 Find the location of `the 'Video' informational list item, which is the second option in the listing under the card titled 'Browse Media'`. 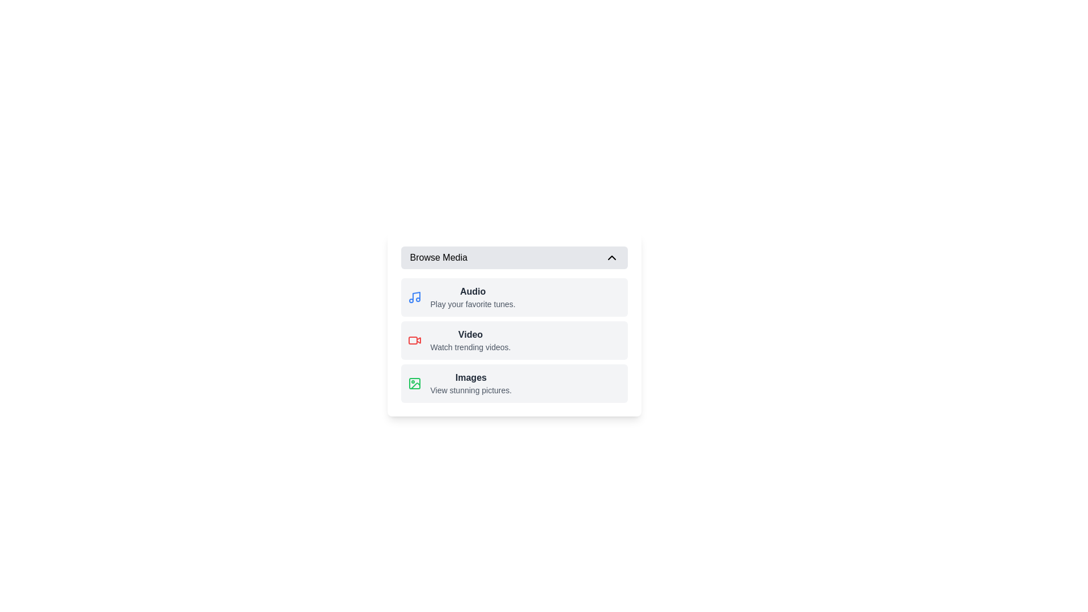

the 'Video' informational list item, which is the second option in the listing under the card titled 'Browse Media' is located at coordinates (470, 340).